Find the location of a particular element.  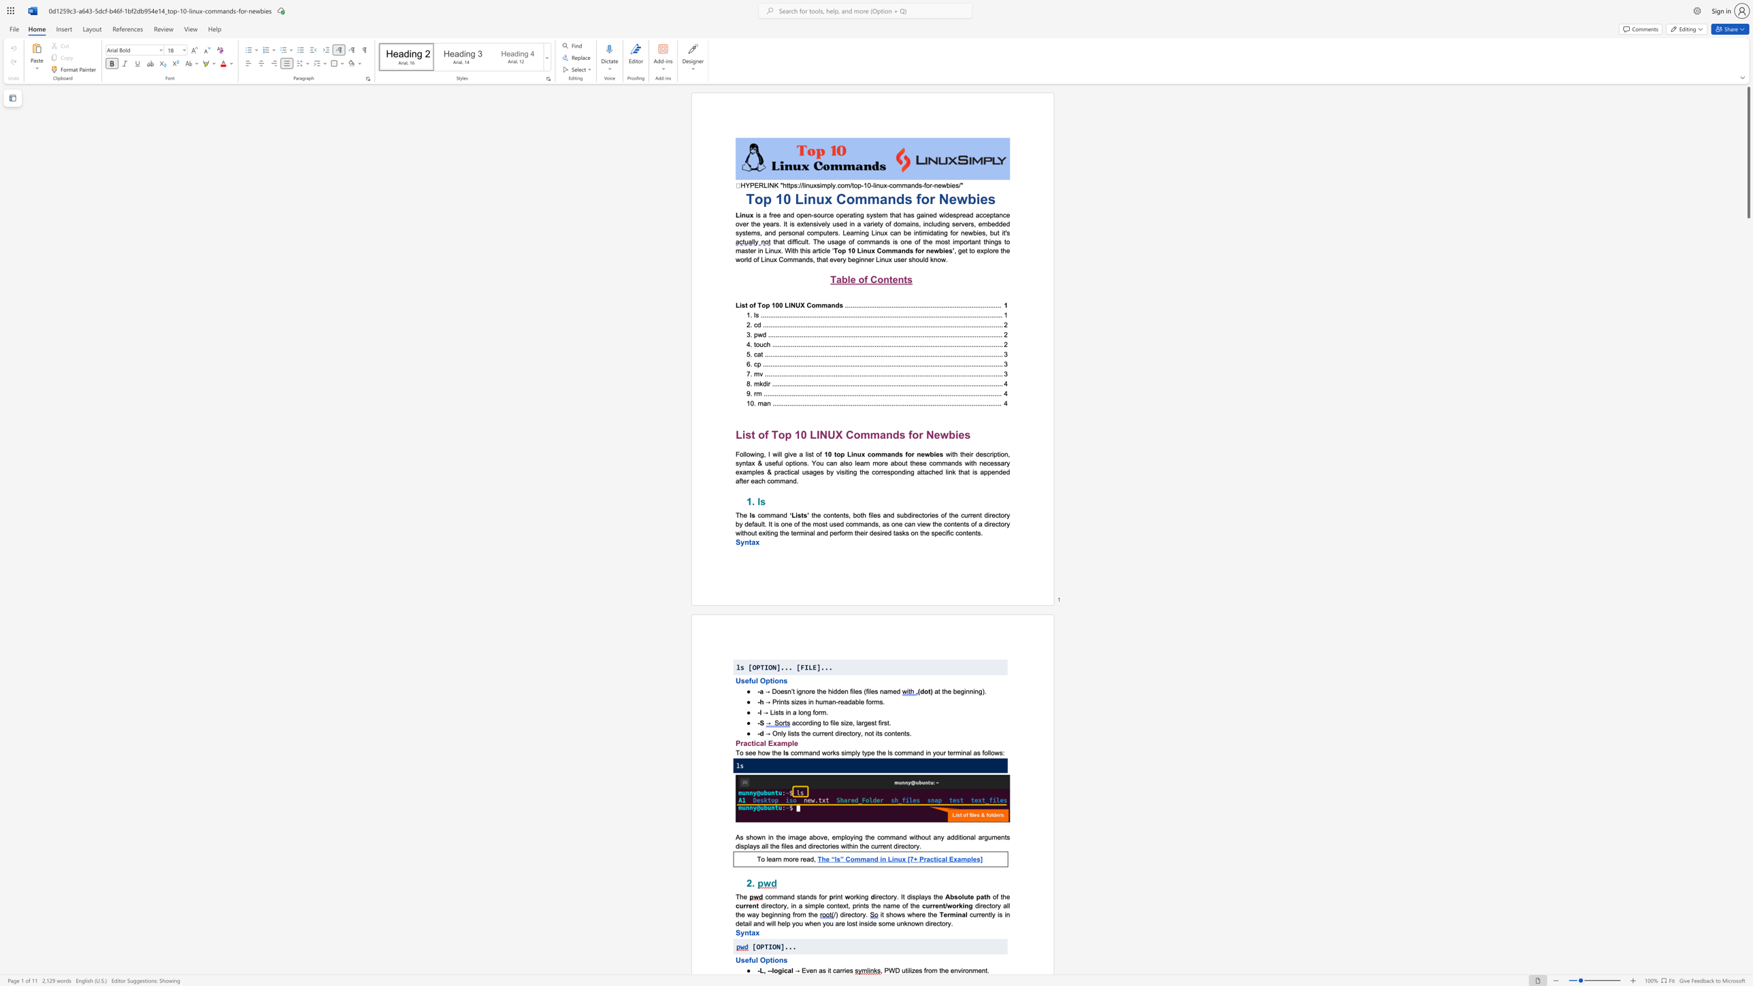

the 2th character "]" in the text is located at coordinates (819, 668).